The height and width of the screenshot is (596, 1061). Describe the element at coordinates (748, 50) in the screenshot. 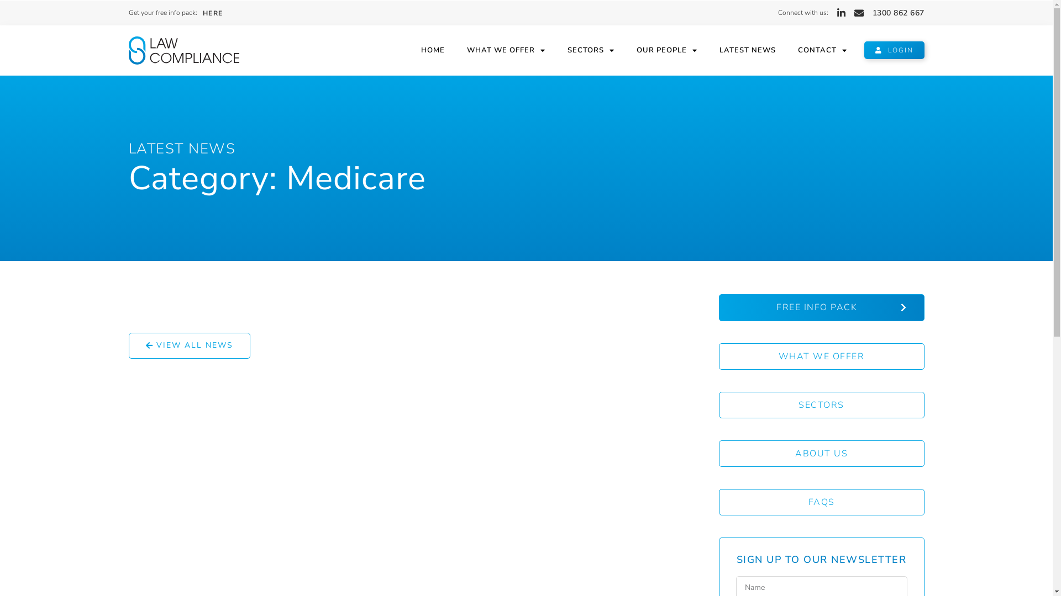

I see `'LATEST NEWS'` at that location.